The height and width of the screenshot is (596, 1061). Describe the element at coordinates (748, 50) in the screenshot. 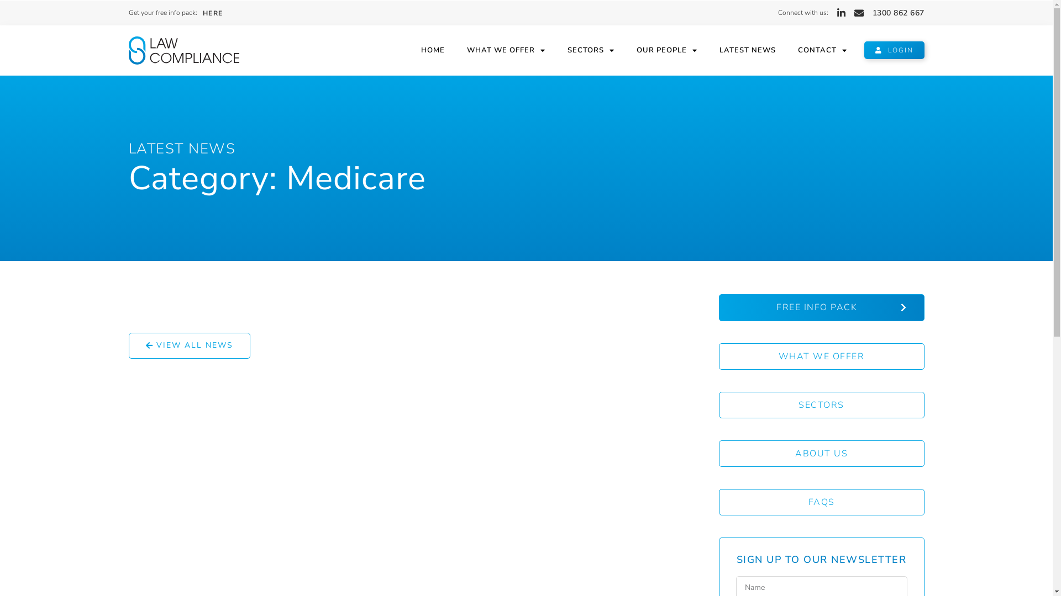

I see `'LATEST NEWS'` at that location.